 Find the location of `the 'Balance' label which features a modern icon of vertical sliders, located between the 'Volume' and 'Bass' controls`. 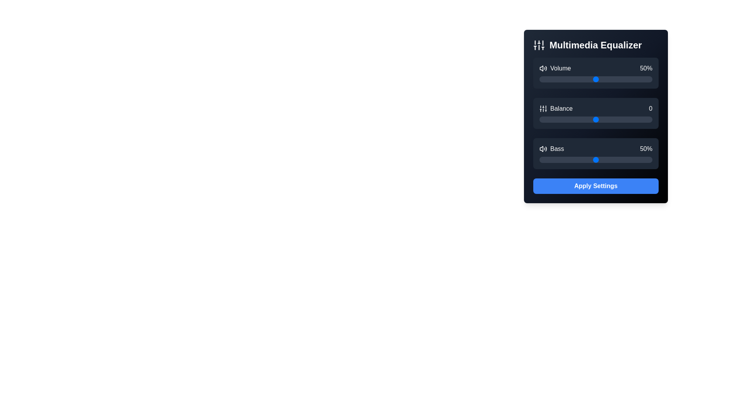

the 'Balance' label which features a modern icon of vertical sliders, located between the 'Volume' and 'Bass' controls is located at coordinates (555, 109).